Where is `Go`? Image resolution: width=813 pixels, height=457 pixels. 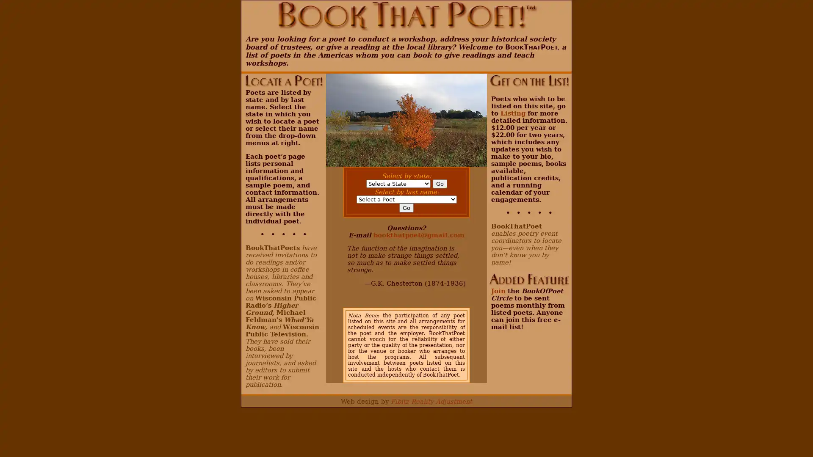 Go is located at coordinates (406, 208).